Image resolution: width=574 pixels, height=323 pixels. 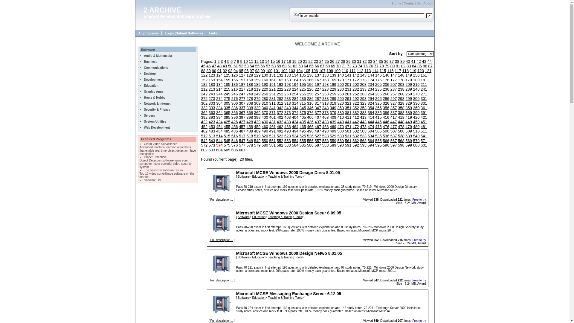 I want to click on '127', so click(x=238, y=75).